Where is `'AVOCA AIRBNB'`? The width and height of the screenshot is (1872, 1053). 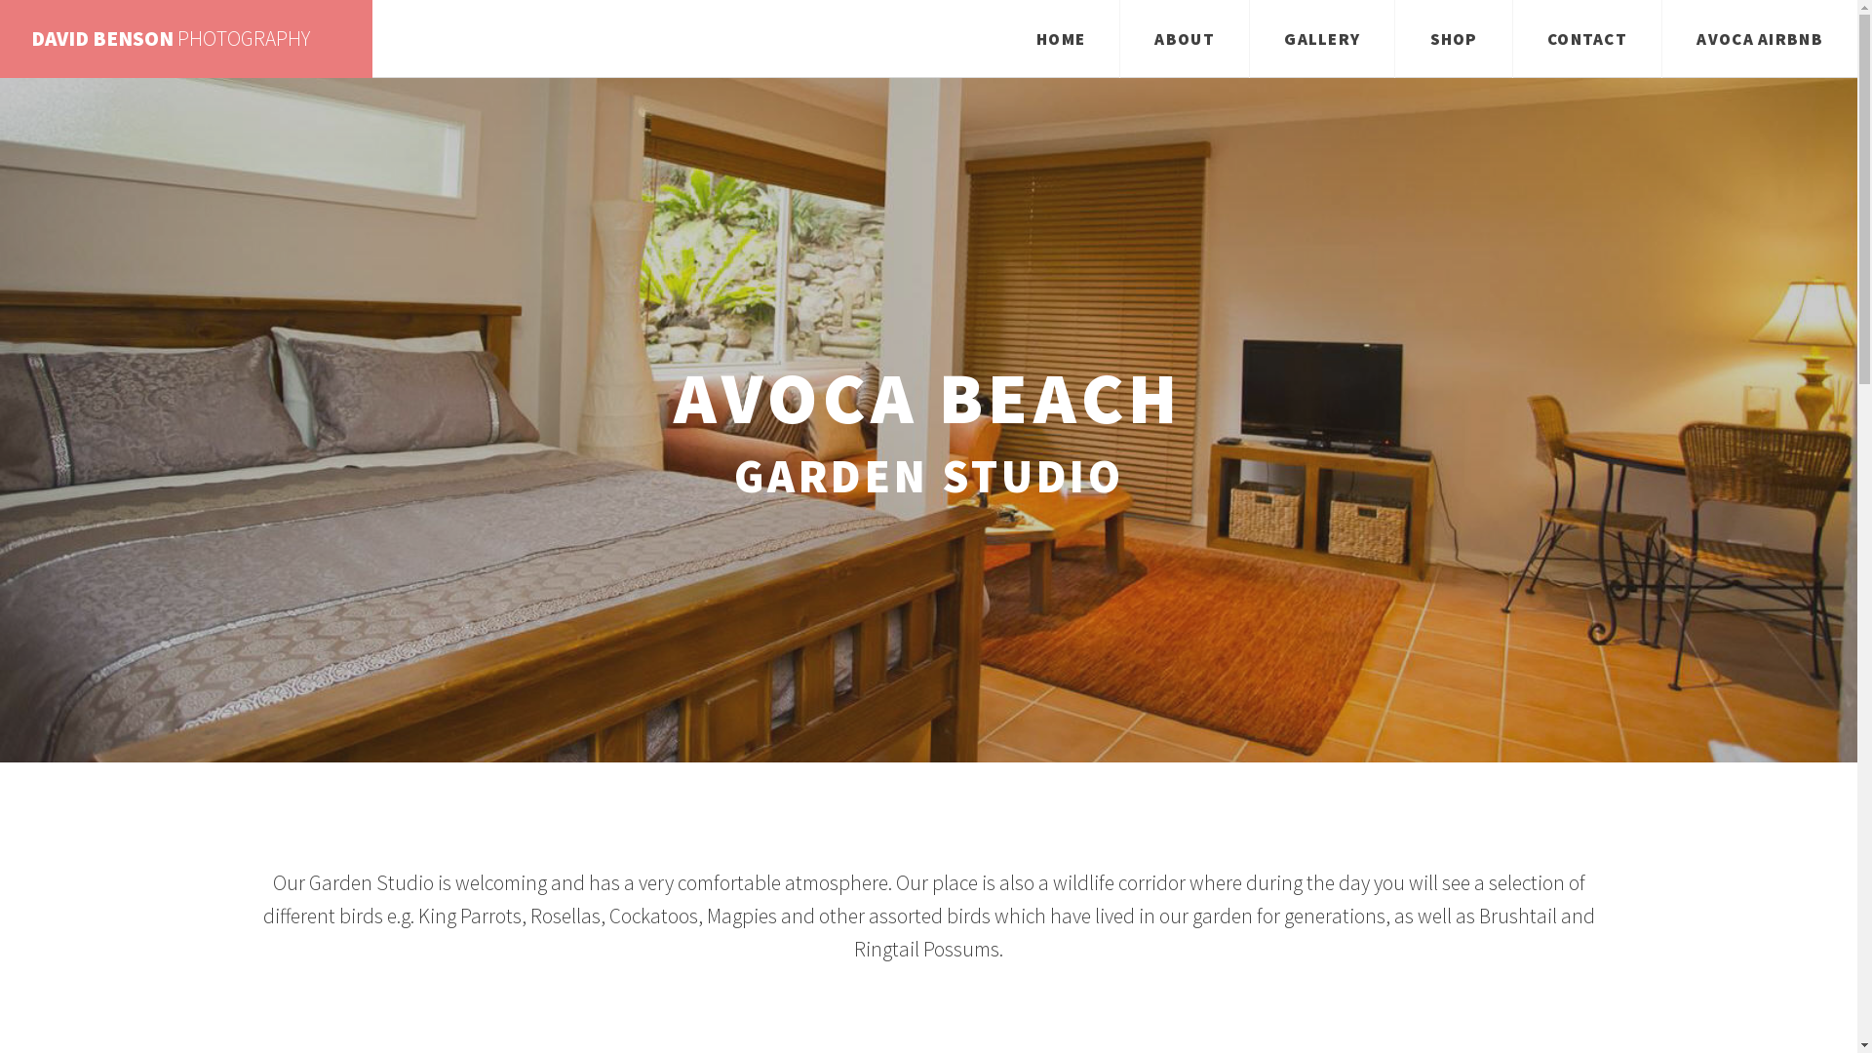 'AVOCA AIRBNB' is located at coordinates (1759, 38).